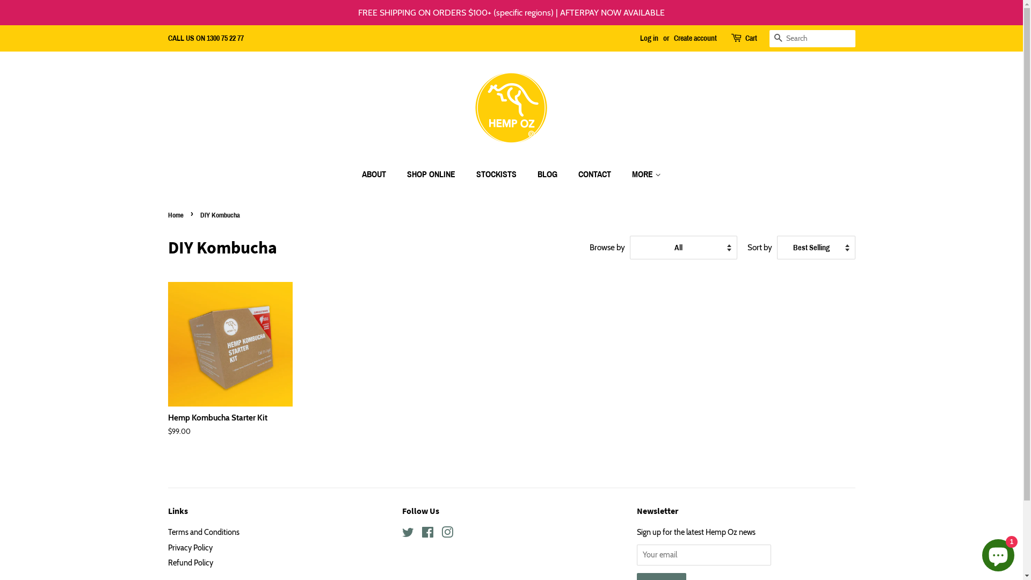 The height and width of the screenshot is (580, 1031). What do you see at coordinates (750, 38) in the screenshot?
I see `'Cart'` at bounding box center [750, 38].